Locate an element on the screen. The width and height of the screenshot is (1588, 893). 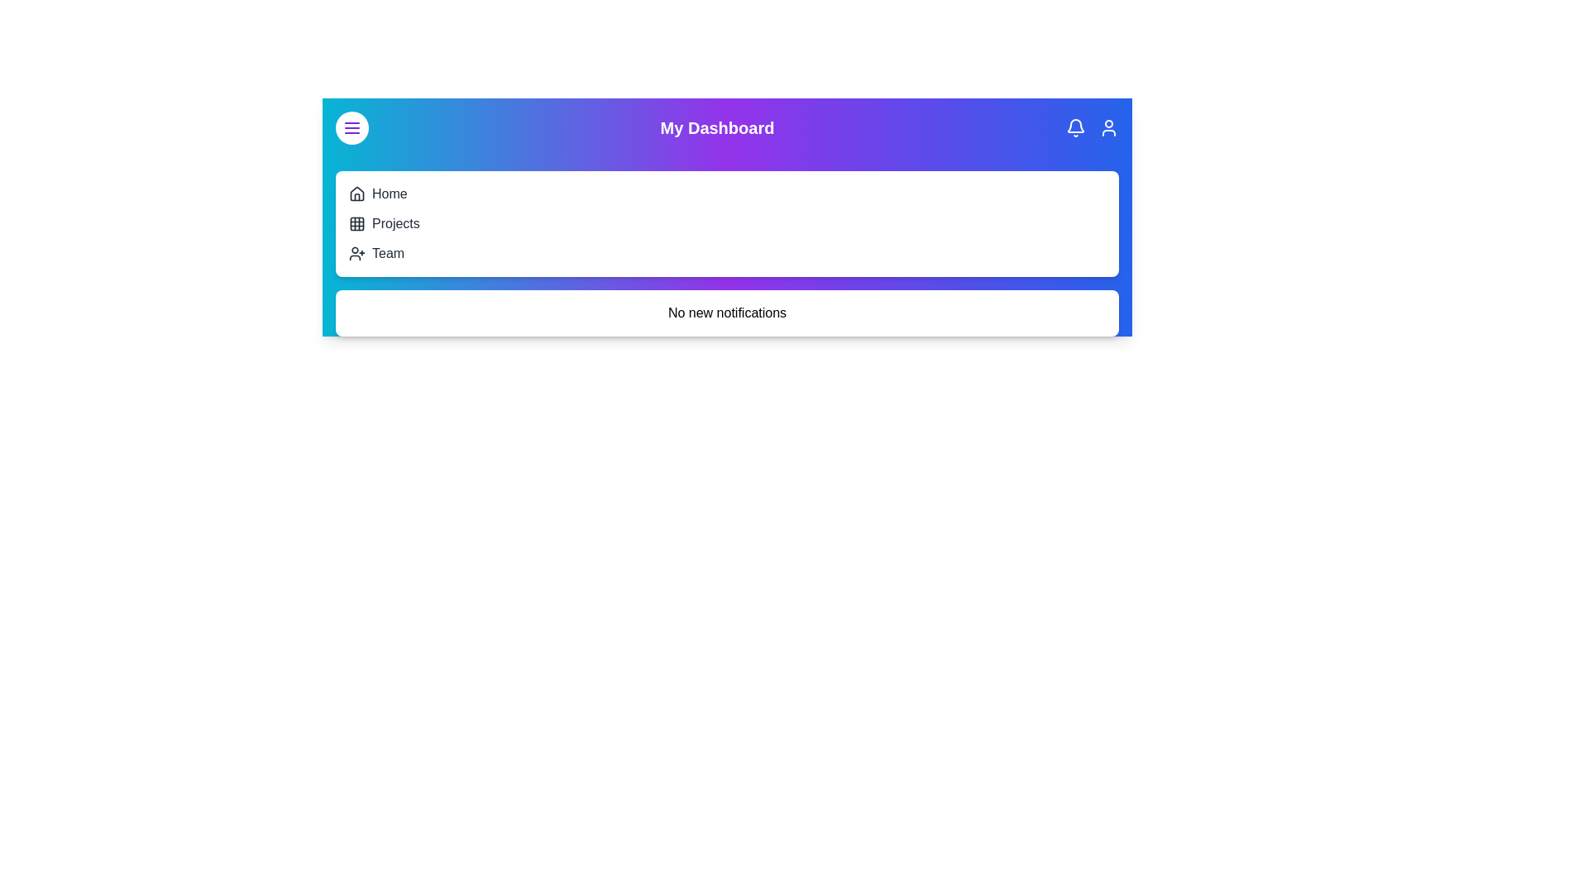
the user icon located on the top-right of the app bar is located at coordinates (1108, 127).